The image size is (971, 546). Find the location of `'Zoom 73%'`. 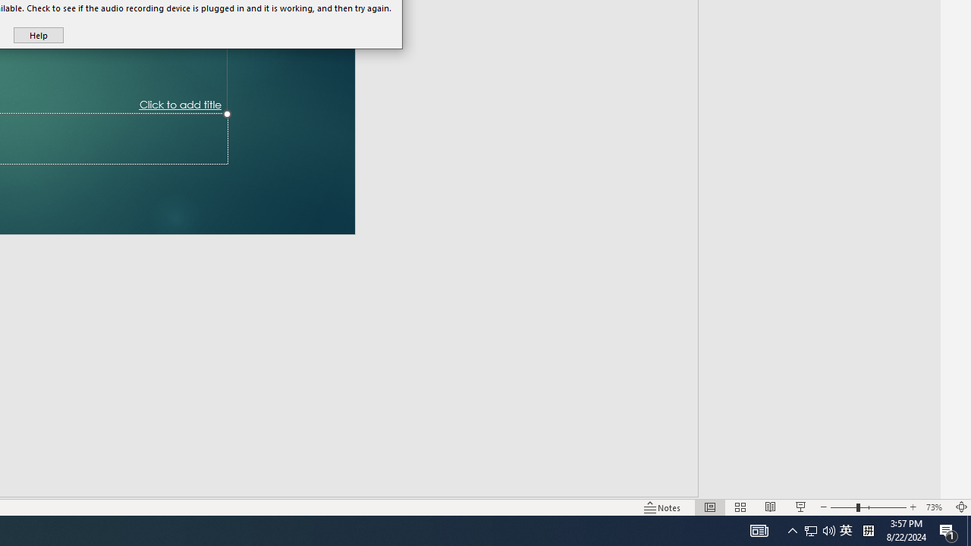

'Zoom 73%' is located at coordinates (935, 507).